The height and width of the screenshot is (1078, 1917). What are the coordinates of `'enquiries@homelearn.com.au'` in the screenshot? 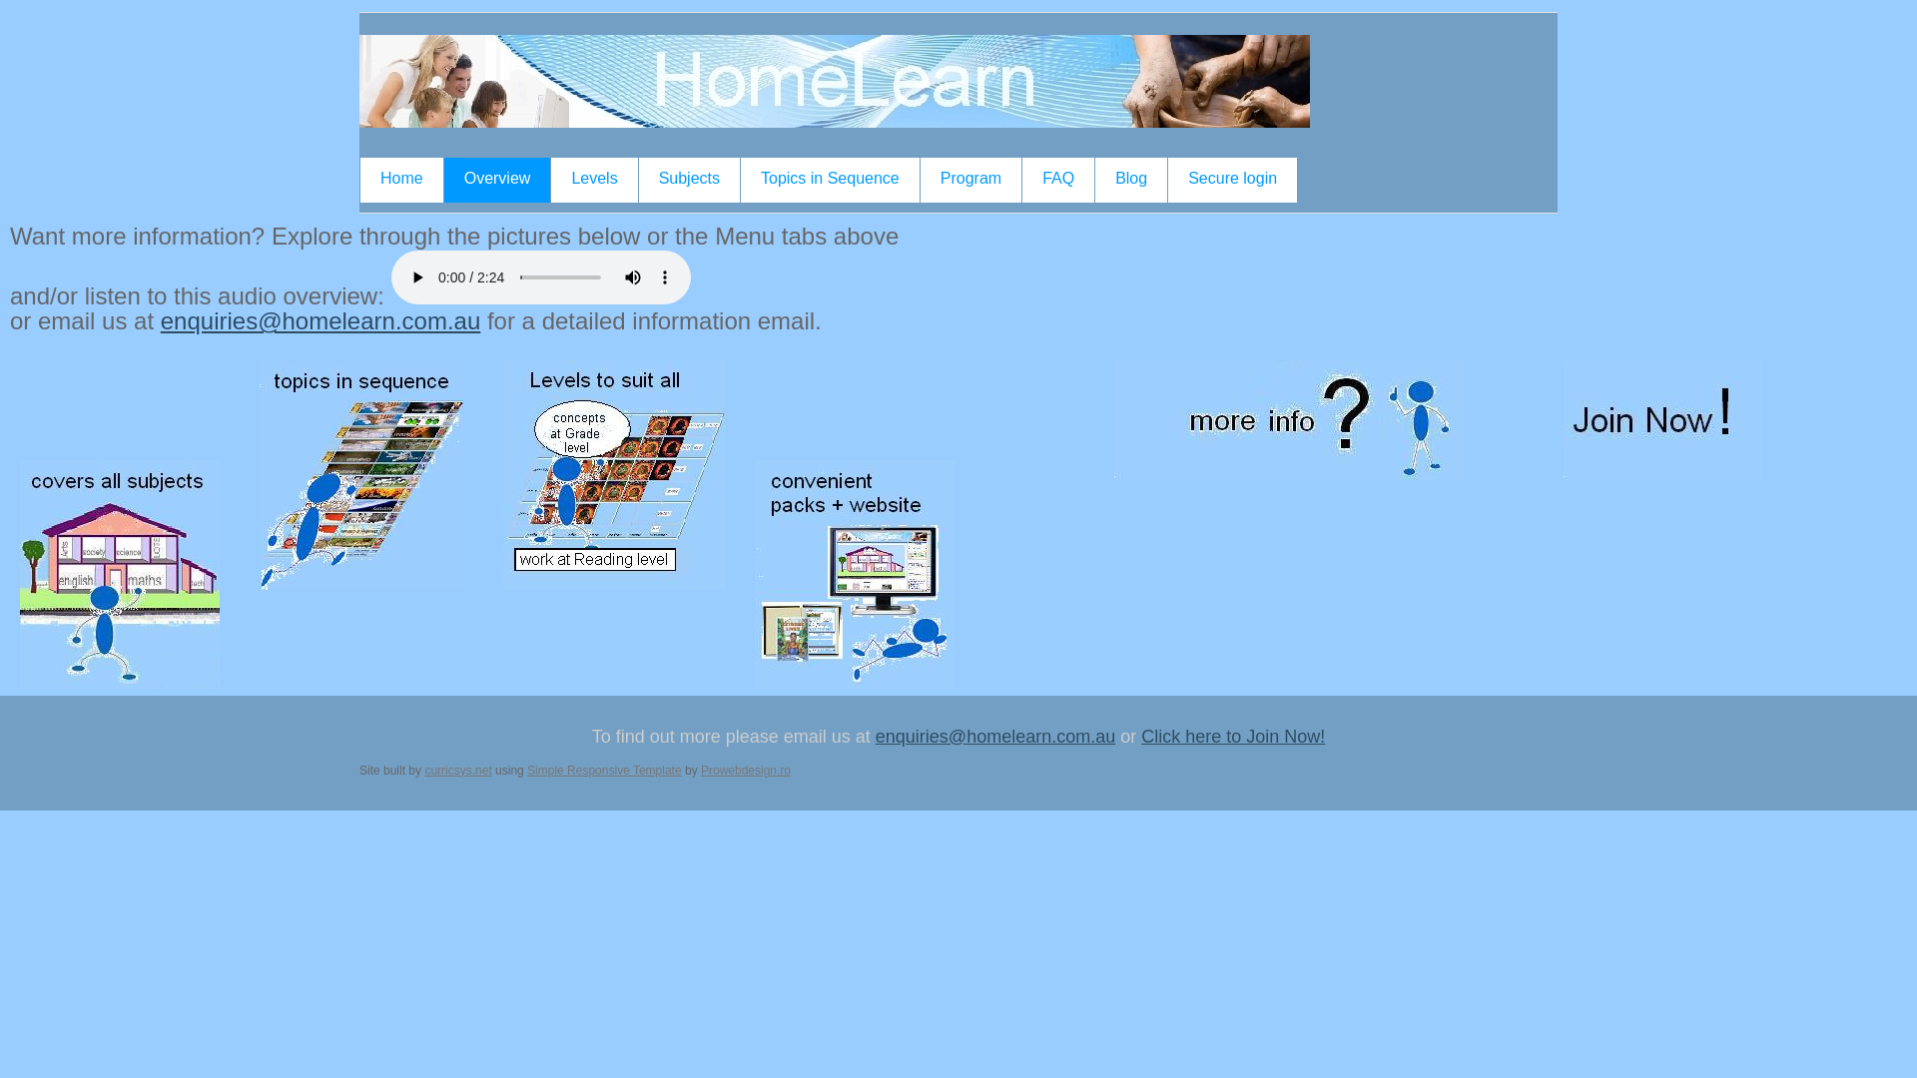 It's located at (995, 736).